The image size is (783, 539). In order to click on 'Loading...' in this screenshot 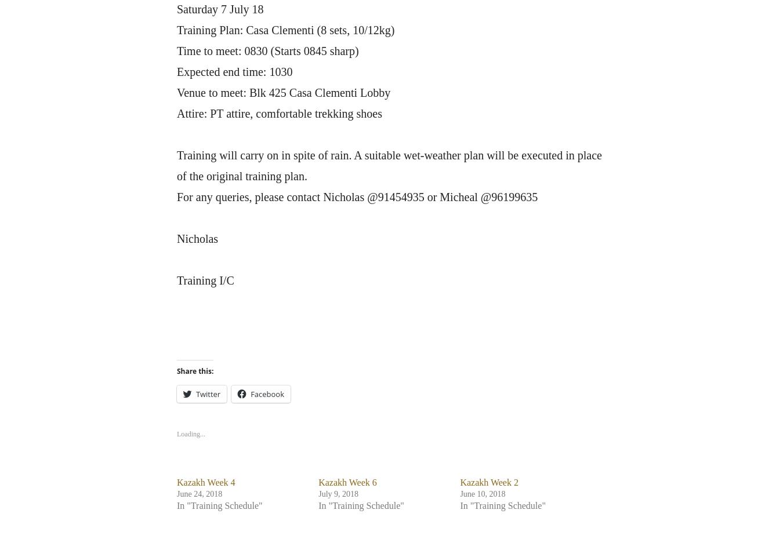, I will do `click(190, 434)`.